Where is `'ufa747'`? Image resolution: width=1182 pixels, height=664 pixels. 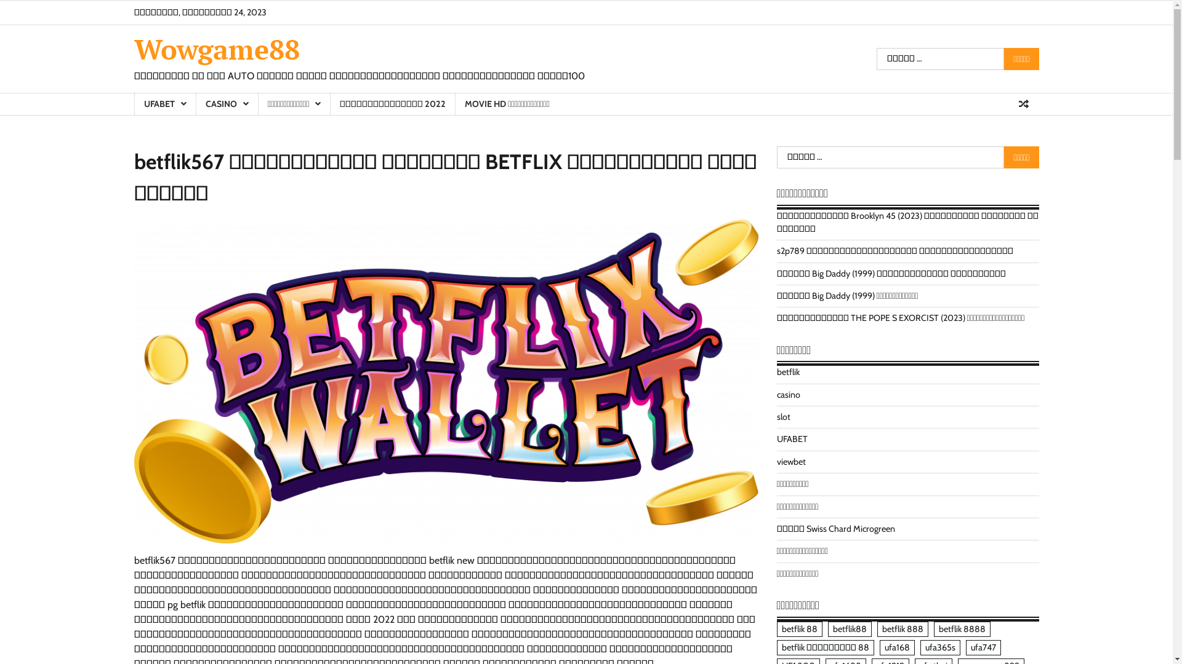
'ufa747' is located at coordinates (982, 647).